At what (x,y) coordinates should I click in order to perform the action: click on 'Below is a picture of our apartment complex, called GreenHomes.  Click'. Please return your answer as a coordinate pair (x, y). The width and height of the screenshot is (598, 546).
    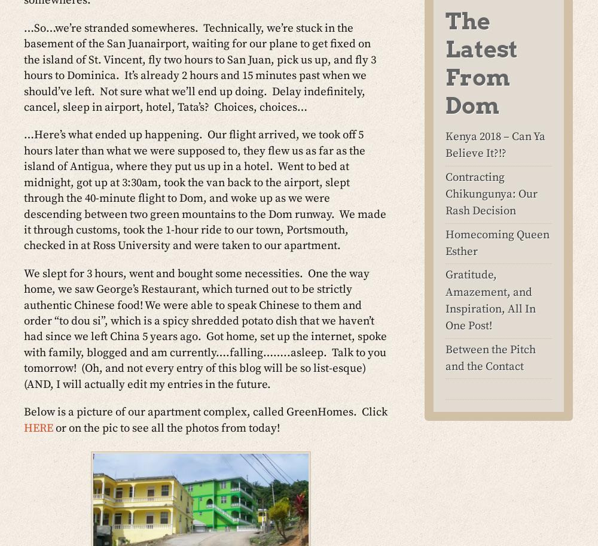
    Looking at the image, I should click on (24, 412).